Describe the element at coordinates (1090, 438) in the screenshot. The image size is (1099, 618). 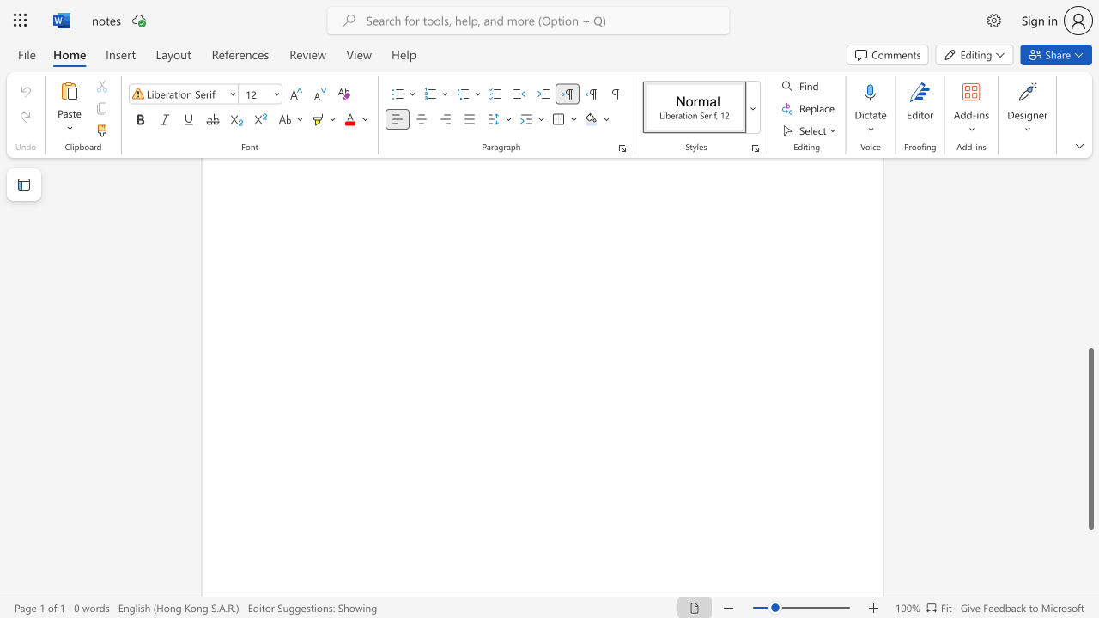
I see `the scrollbar and move down 80 pixels` at that location.